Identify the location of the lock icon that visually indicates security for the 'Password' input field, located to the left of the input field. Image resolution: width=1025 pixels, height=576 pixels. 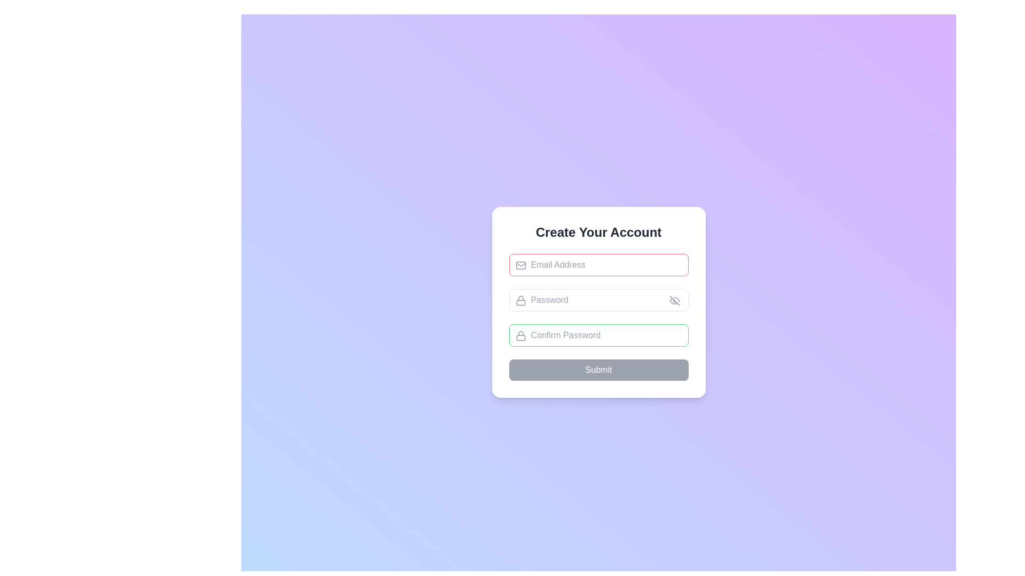
(521, 302).